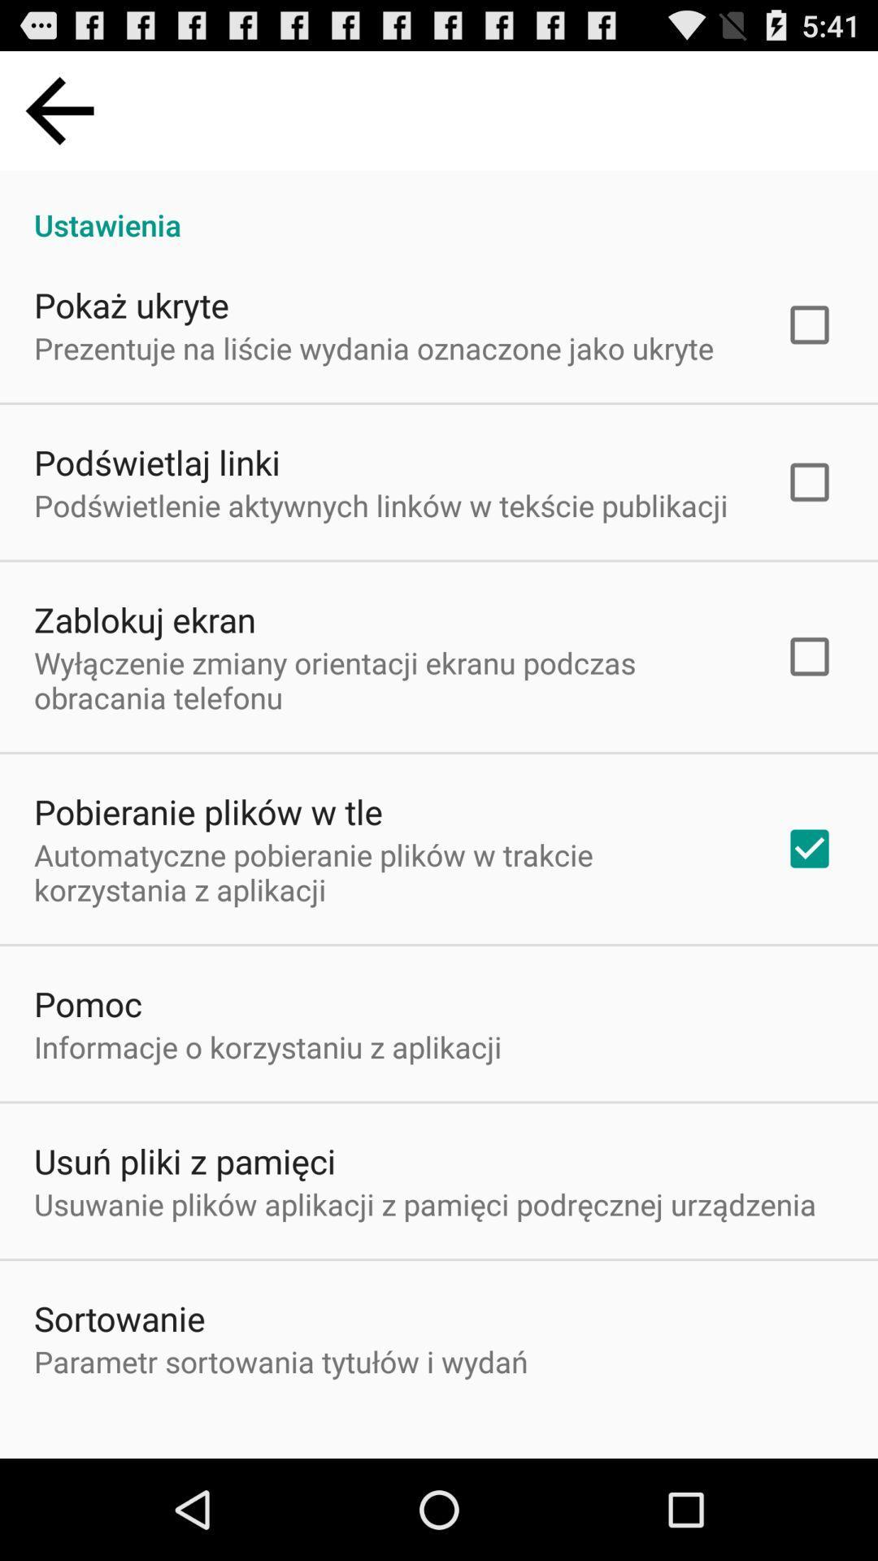 The height and width of the screenshot is (1561, 878). Describe the element at coordinates (388, 871) in the screenshot. I see `the item above pomoc item` at that location.